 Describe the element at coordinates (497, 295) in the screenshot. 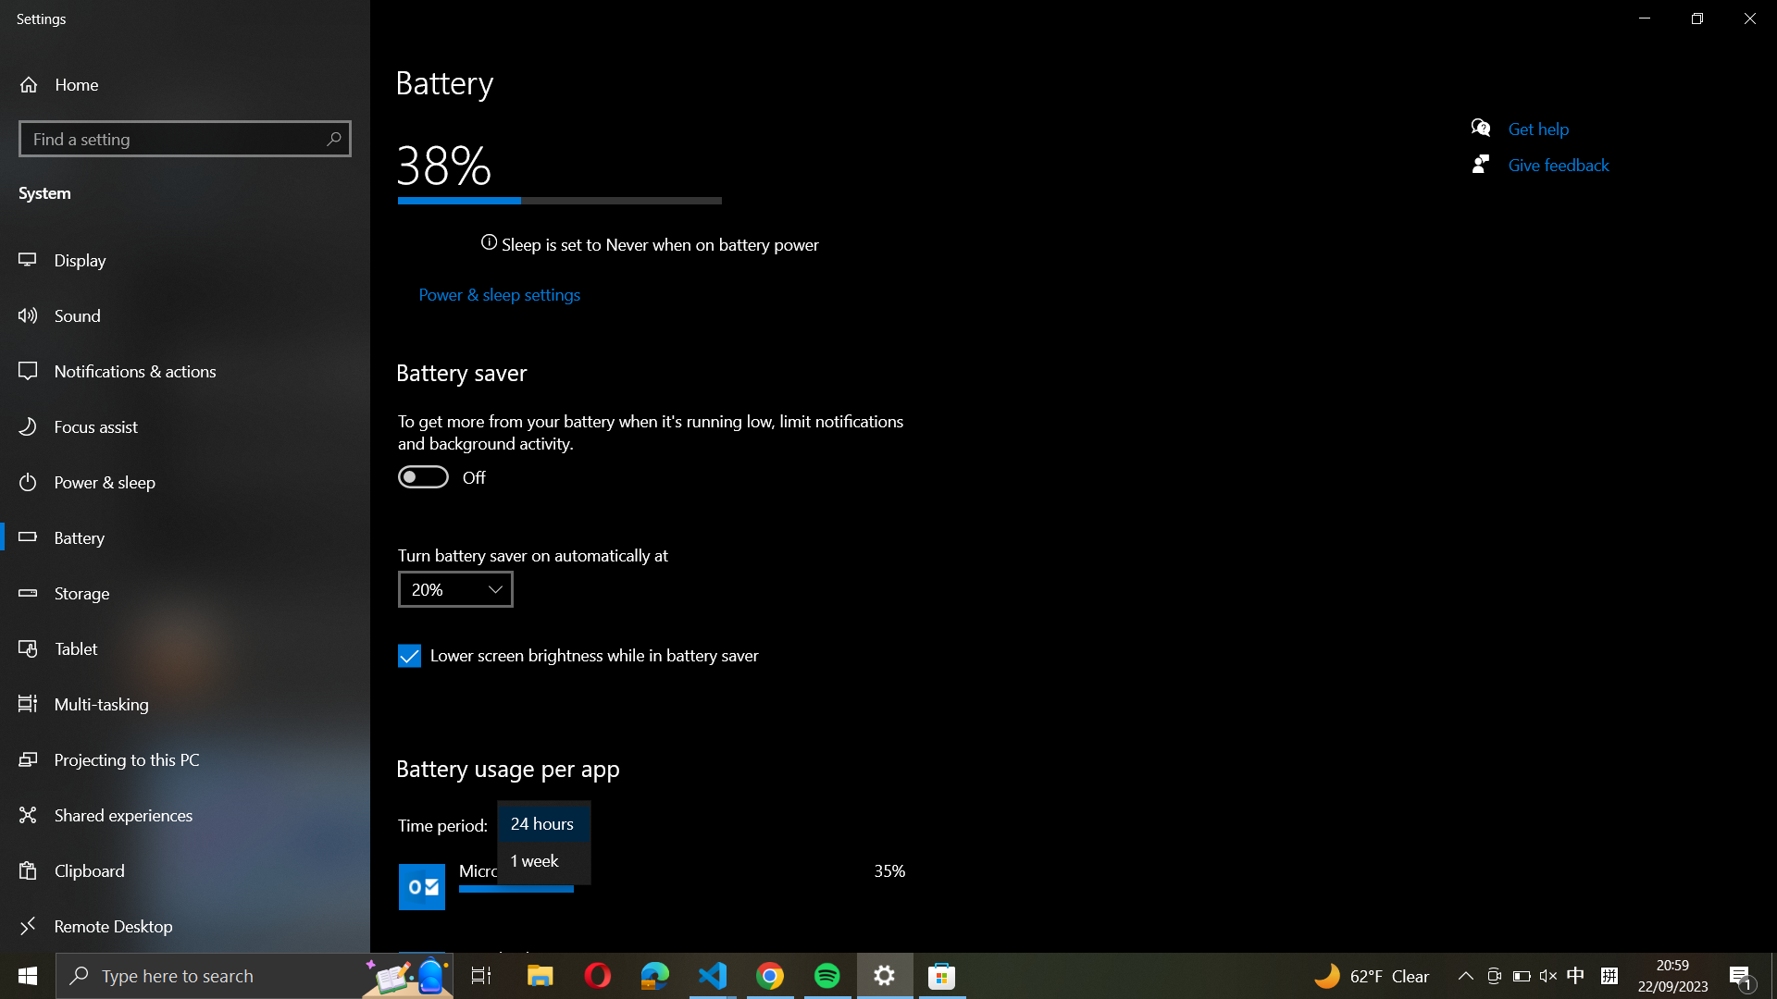

I see `Navigate and select the "Power & sleep" settings from the menu on the left` at that location.